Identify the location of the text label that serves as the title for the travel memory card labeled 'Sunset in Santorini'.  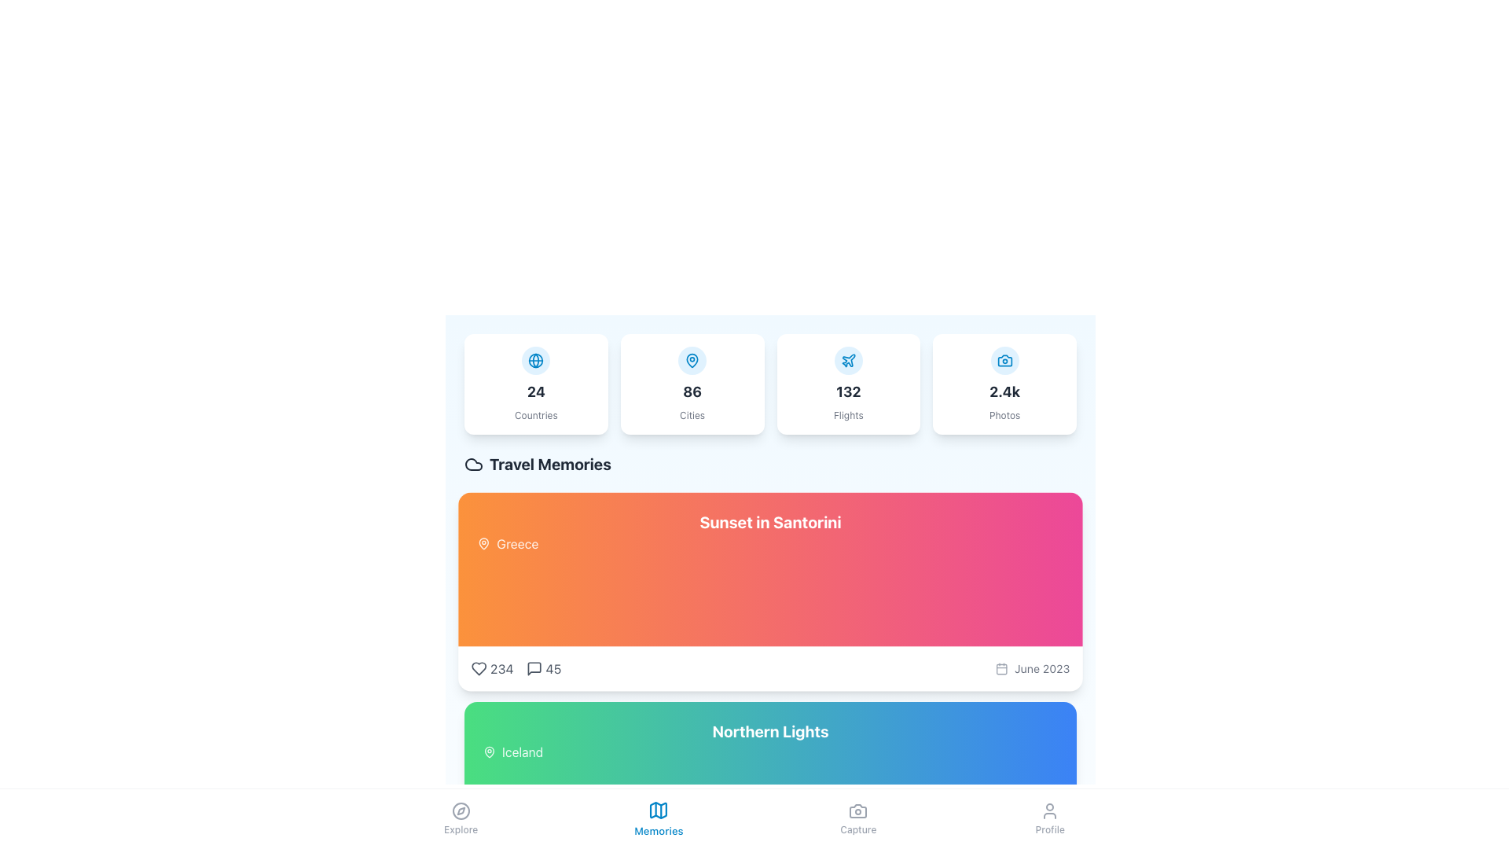
(770, 523).